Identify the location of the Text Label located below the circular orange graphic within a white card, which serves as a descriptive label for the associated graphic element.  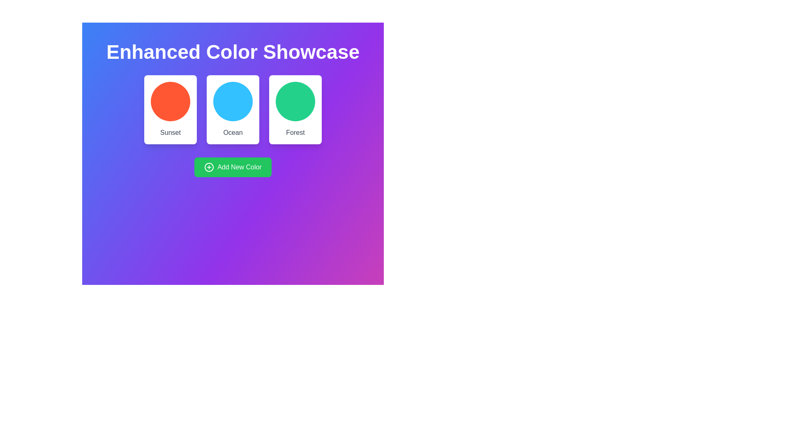
(170, 132).